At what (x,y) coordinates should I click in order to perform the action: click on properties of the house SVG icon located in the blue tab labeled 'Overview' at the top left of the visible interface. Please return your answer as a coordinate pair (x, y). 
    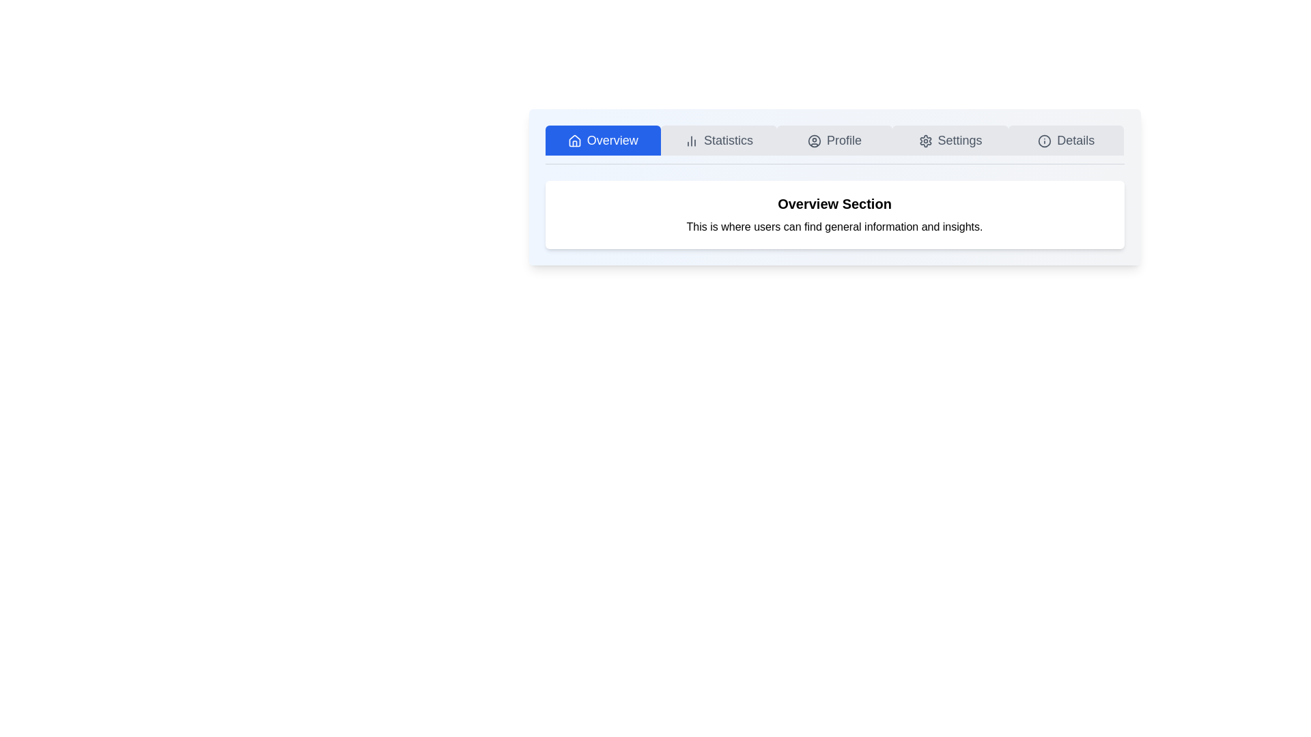
    Looking at the image, I should click on (574, 141).